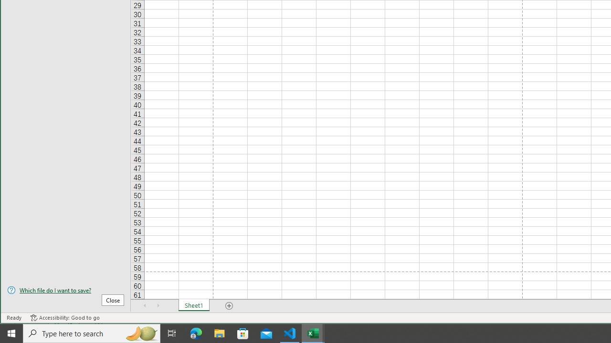  Describe the element at coordinates (140, 333) in the screenshot. I see `'Search highlights icon opens search home window'` at that location.